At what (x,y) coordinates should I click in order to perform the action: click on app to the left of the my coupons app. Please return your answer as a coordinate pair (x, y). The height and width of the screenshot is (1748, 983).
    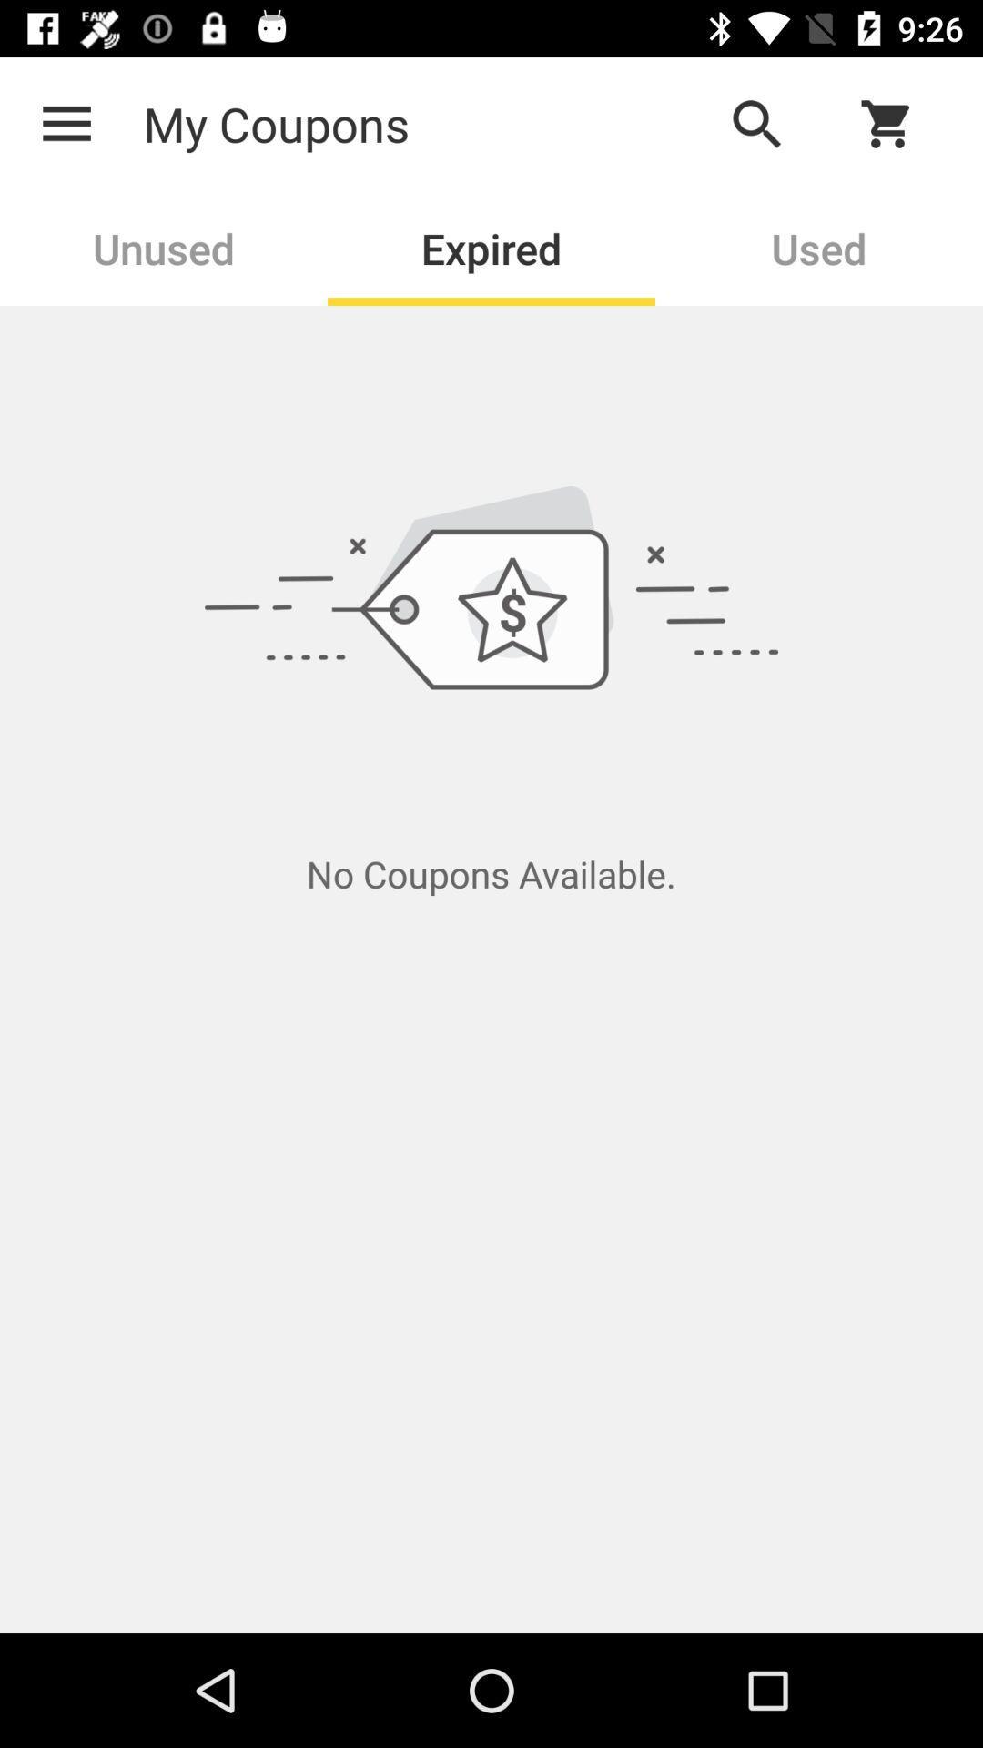
    Looking at the image, I should click on (66, 123).